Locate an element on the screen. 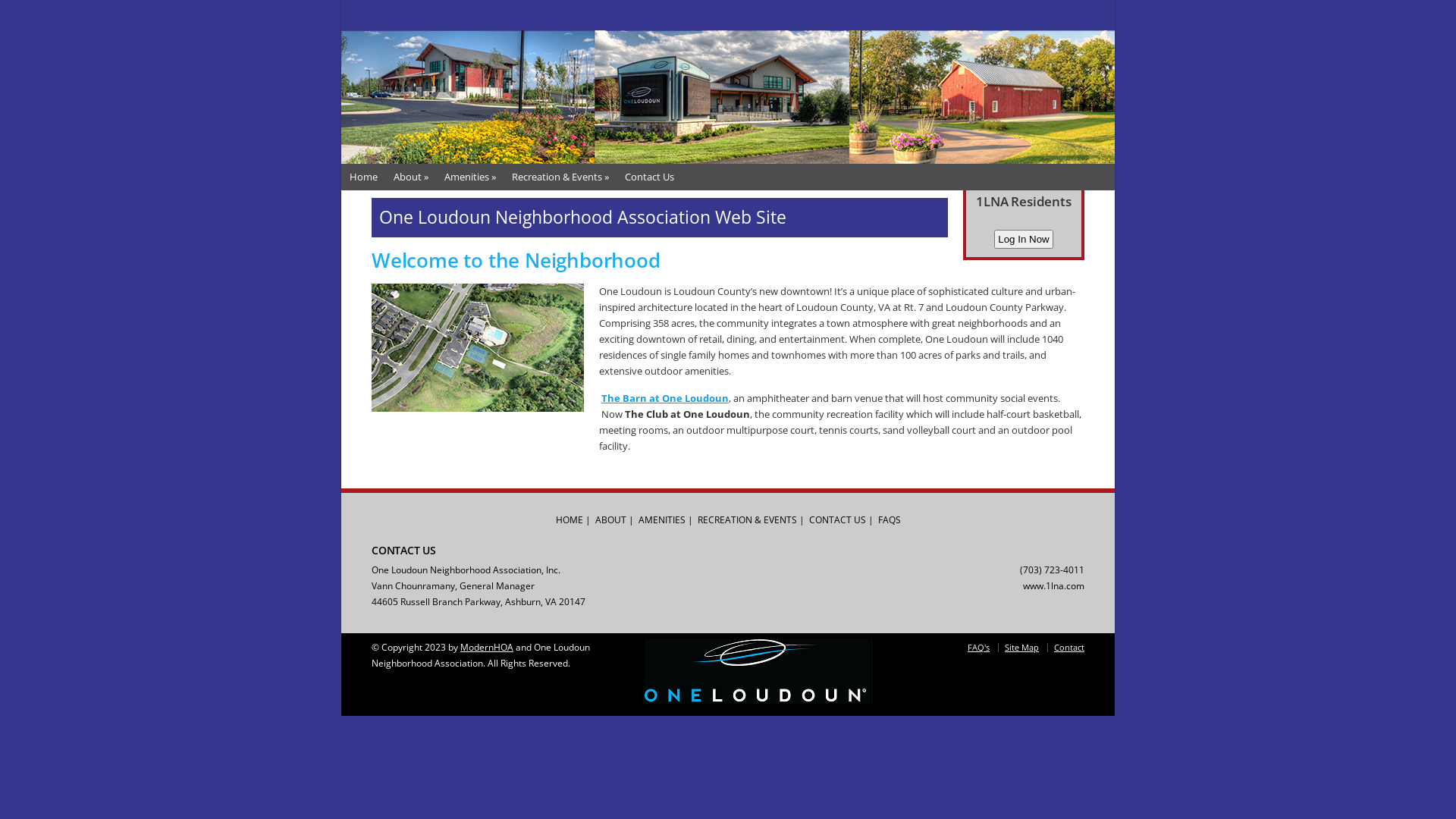 This screenshot has width=1456, height=819. 'RECREATION & EVENTS' is located at coordinates (747, 519).